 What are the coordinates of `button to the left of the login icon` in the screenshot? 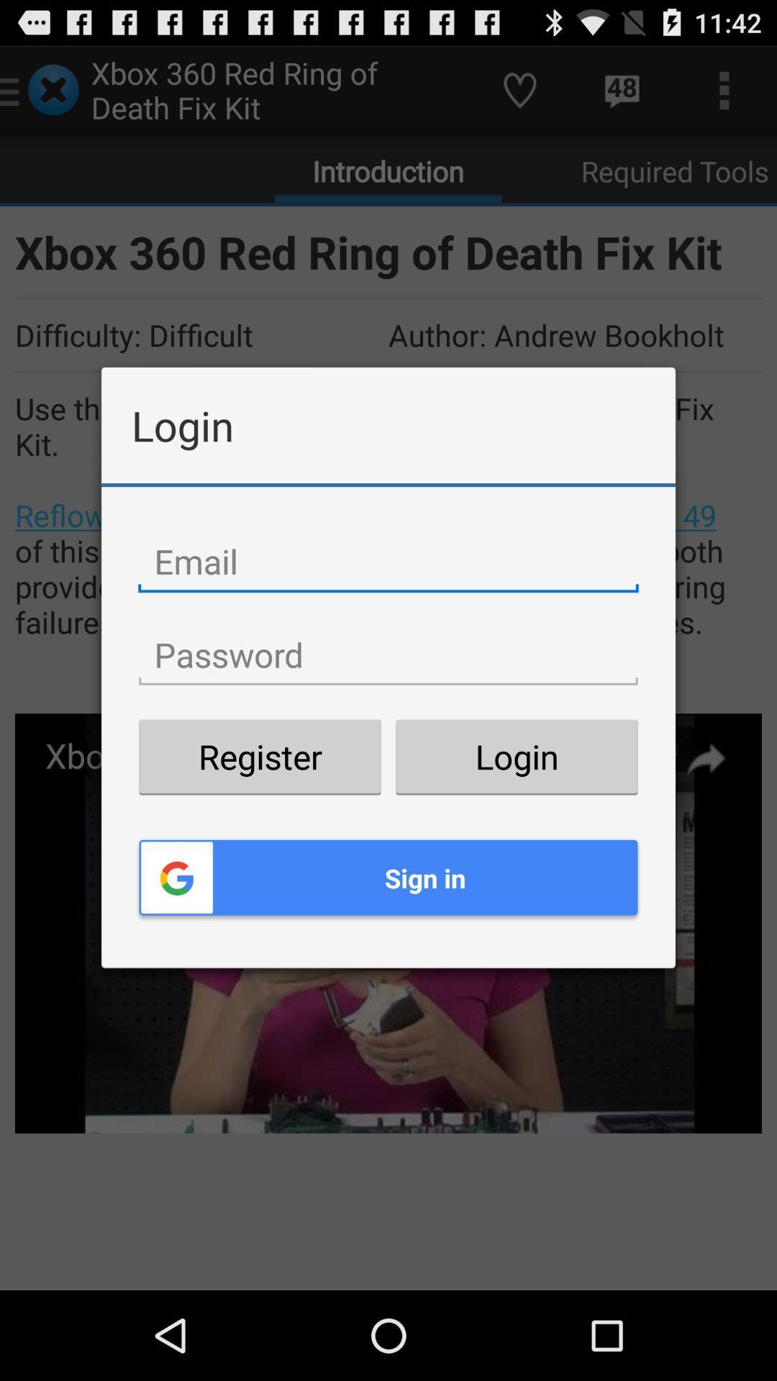 It's located at (260, 756).